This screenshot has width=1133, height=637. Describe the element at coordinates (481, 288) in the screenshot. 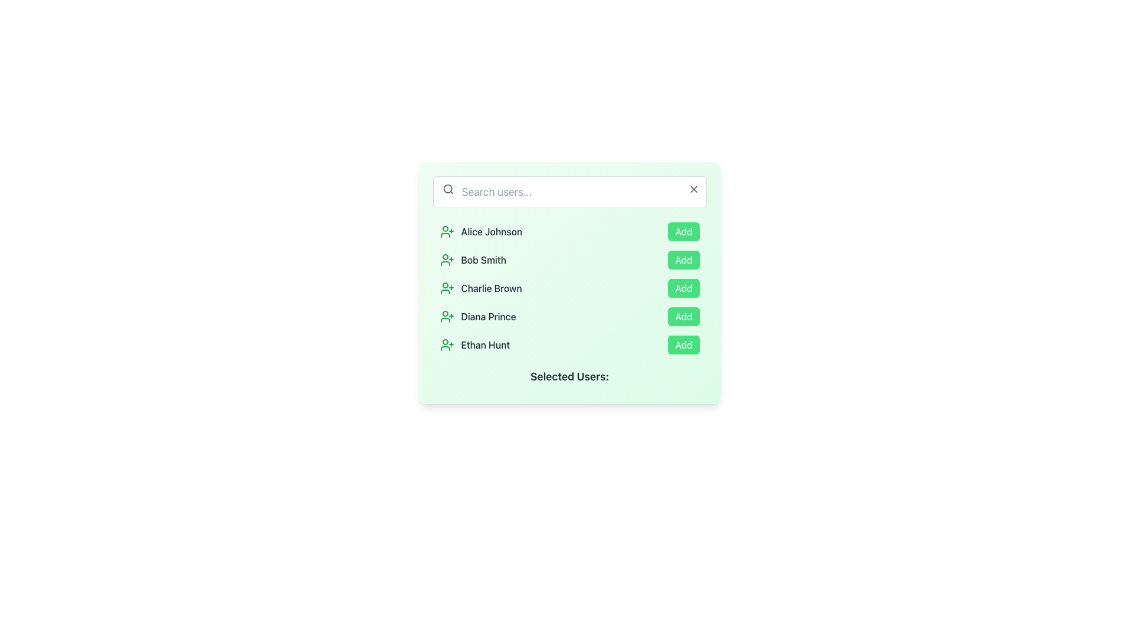

I see `the text label displaying 'Charlie Brown', which is the third entry in the user list, positioned to the right of a user icon with a green plus sign` at that location.